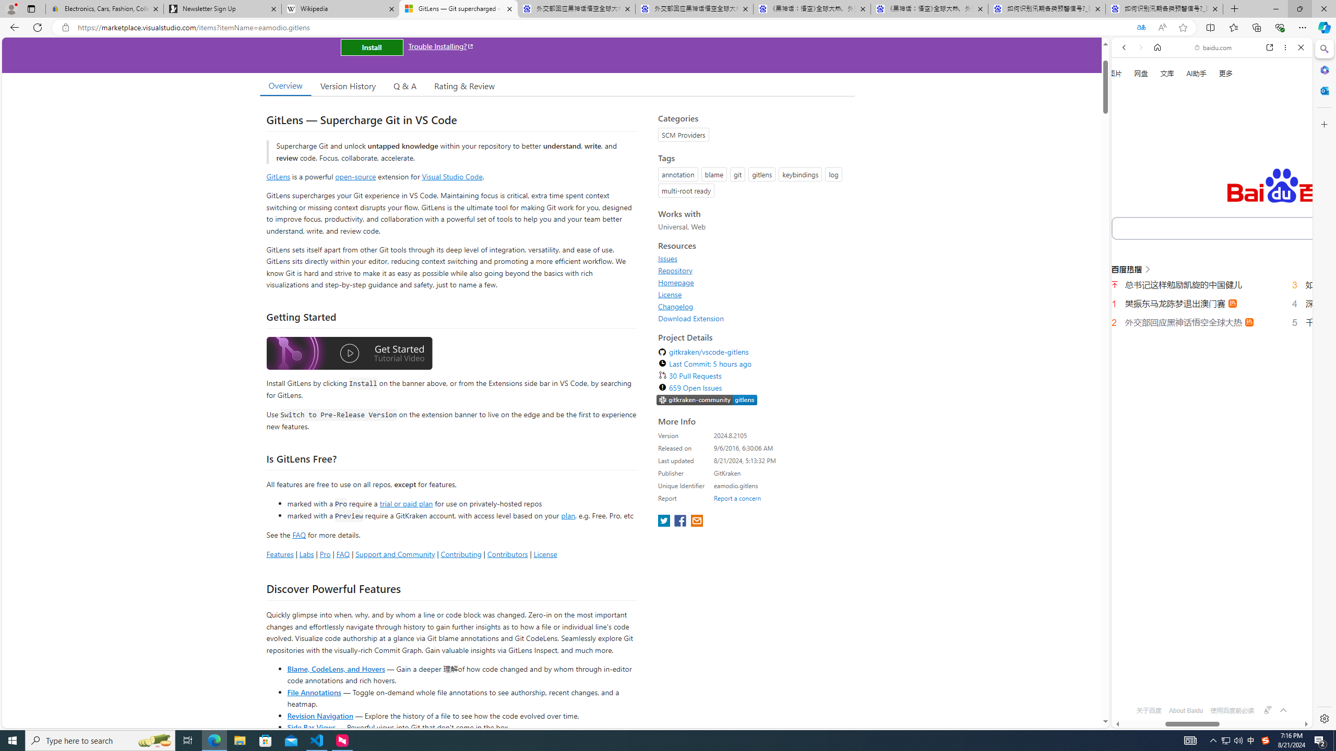 The height and width of the screenshot is (751, 1336). Describe the element at coordinates (1140, 28) in the screenshot. I see `'Translated'` at that location.